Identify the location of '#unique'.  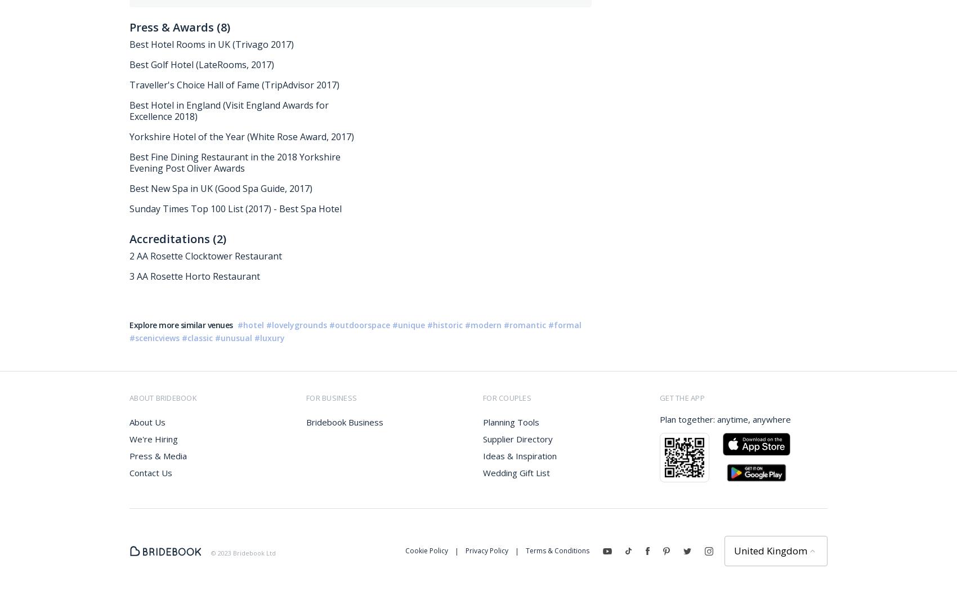
(408, 324).